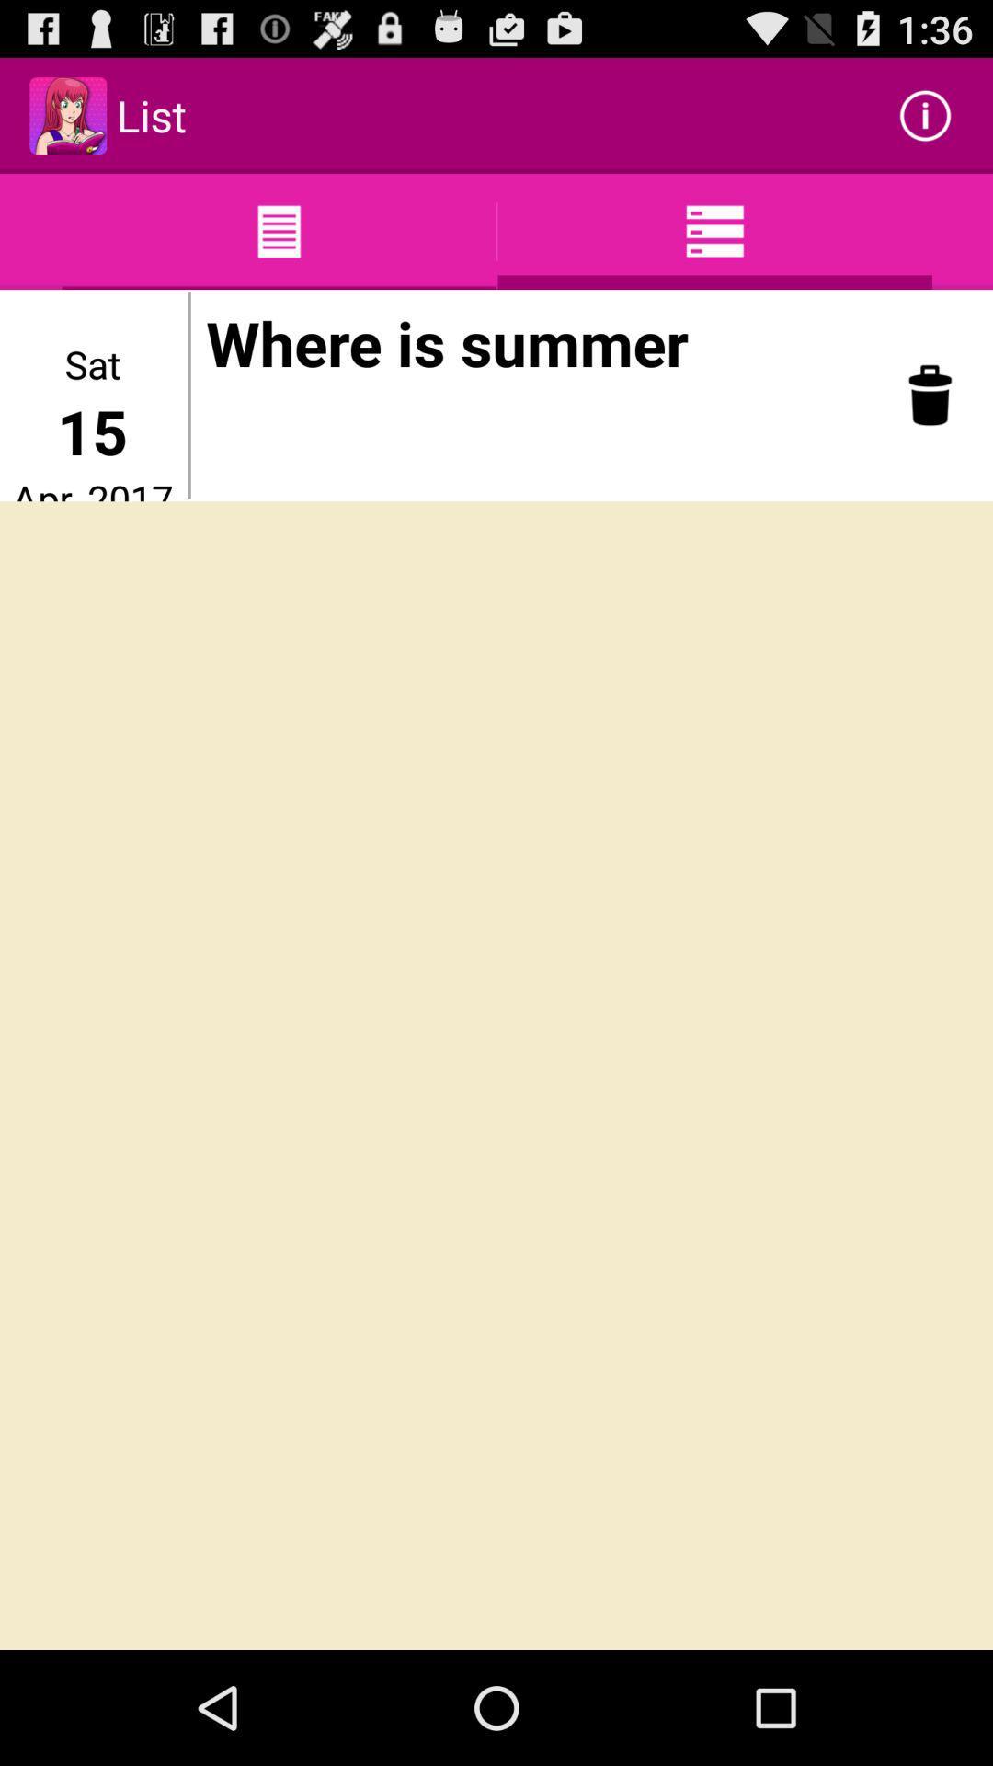 This screenshot has width=993, height=1766. Describe the element at coordinates (930, 394) in the screenshot. I see `the app next to where is summer icon` at that location.